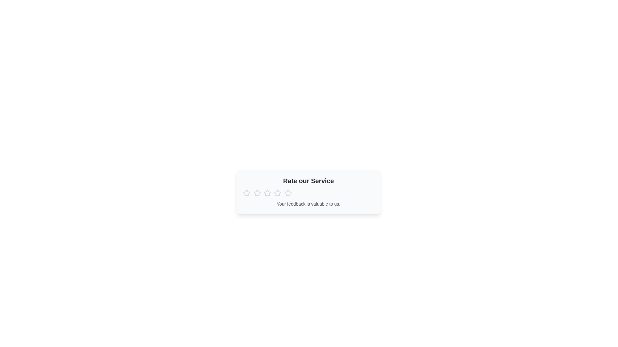 The height and width of the screenshot is (347, 618). Describe the element at coordinates (287, 193) in the screenshot. I see `the fourth star in the sequence of five rating stars below the 'Rate our Service' text to give a rating` at that location.